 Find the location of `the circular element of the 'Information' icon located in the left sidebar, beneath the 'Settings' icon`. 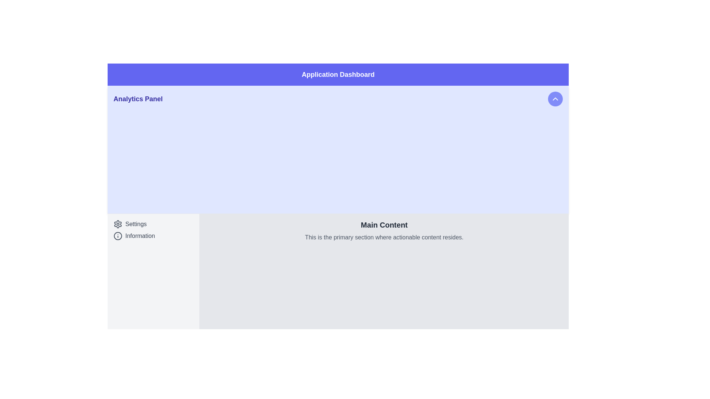

the circular element of the 'Information' icon located in the left sidebar, beneath the 'Settings' icon is located at coordinates (117, 236).